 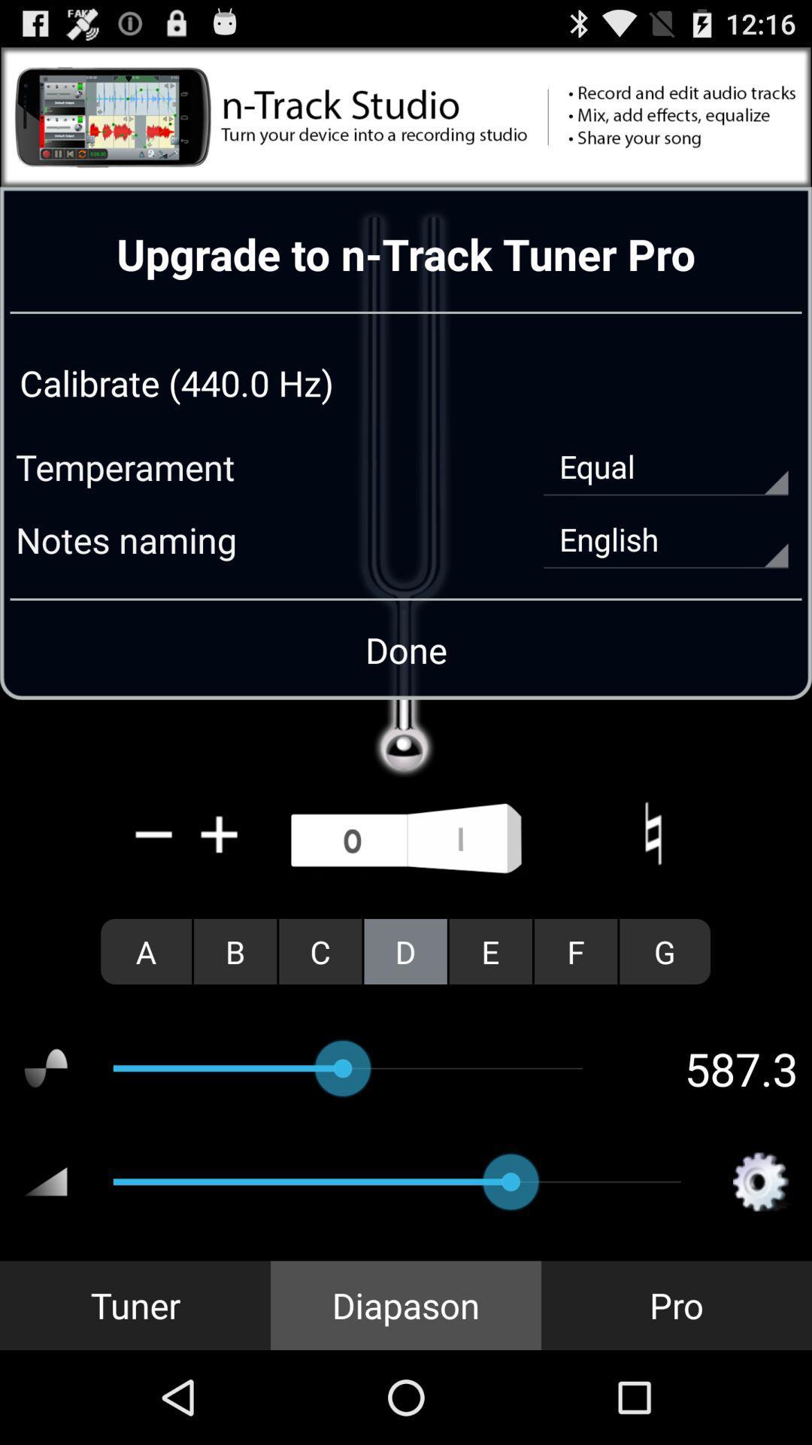 I want to click on increase volume on the tuner, so click(x=220, y=833).